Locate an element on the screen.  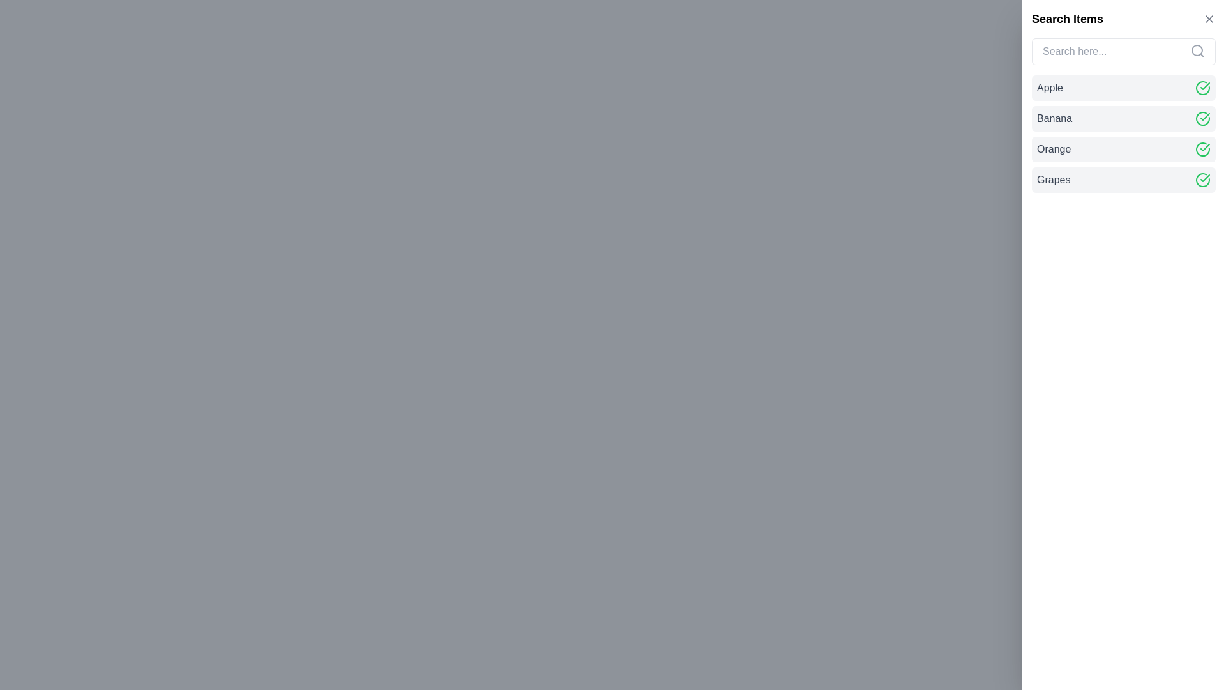
the circular icon with a green outline and a check mark inside, located at the top-right corner of the list item labeled 'Apple' is located at coordinates (1202, 88).